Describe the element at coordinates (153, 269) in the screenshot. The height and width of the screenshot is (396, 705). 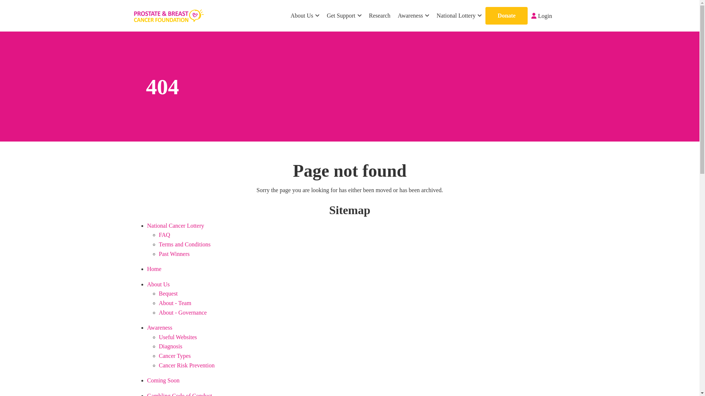
I see `'Home'` at that location.